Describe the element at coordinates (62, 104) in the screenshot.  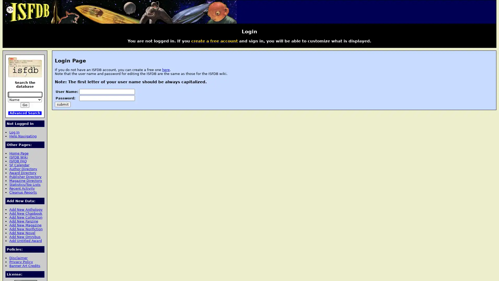
I see `submit` at that location.